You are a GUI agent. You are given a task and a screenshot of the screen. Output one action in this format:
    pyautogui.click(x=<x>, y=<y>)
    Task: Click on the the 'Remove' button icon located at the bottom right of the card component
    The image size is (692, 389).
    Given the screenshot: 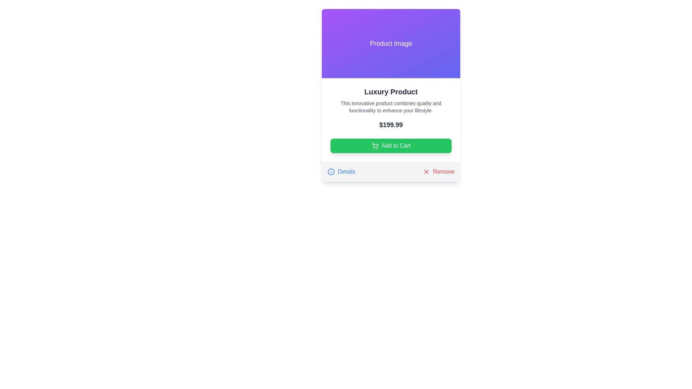 What is the action you would take?
    pyautogui.click(x=426, y=172)
    